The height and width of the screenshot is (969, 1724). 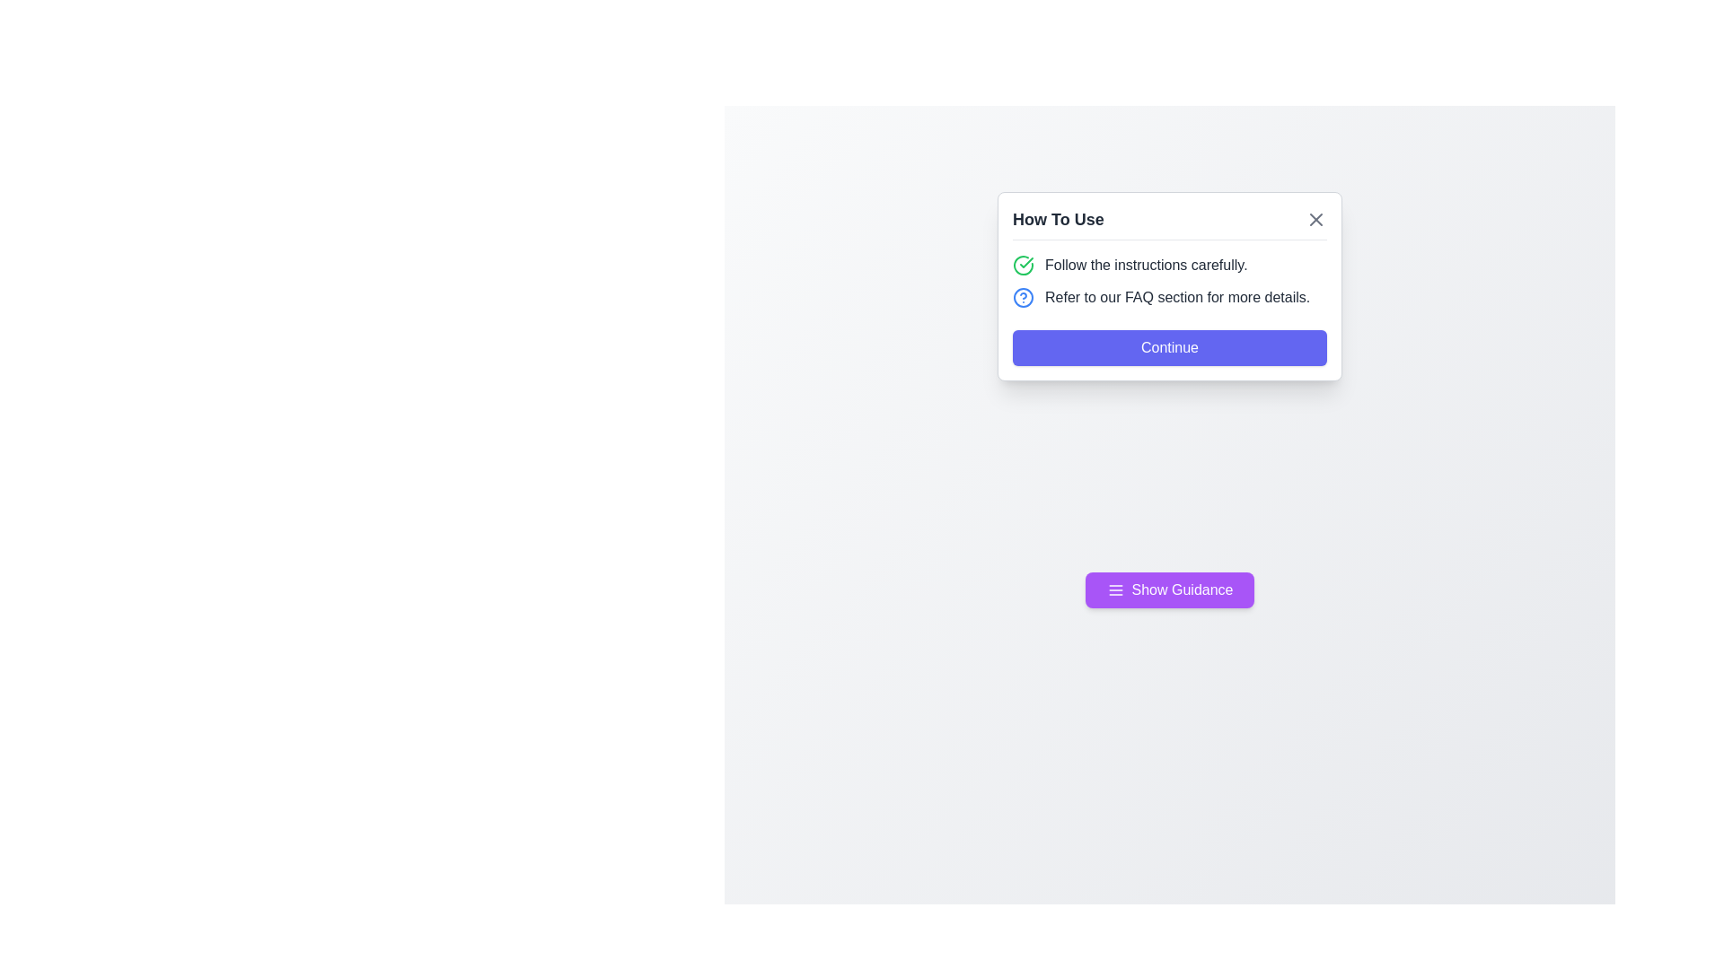 What do you see at coordinates (1024, 296) in the screenshot?
I see `the help icon located in the notification box under the title 'How To Use,' positioned to the left of the text 'Refer to our FAQ section for more details.'` at bounding box center [1024, 296].